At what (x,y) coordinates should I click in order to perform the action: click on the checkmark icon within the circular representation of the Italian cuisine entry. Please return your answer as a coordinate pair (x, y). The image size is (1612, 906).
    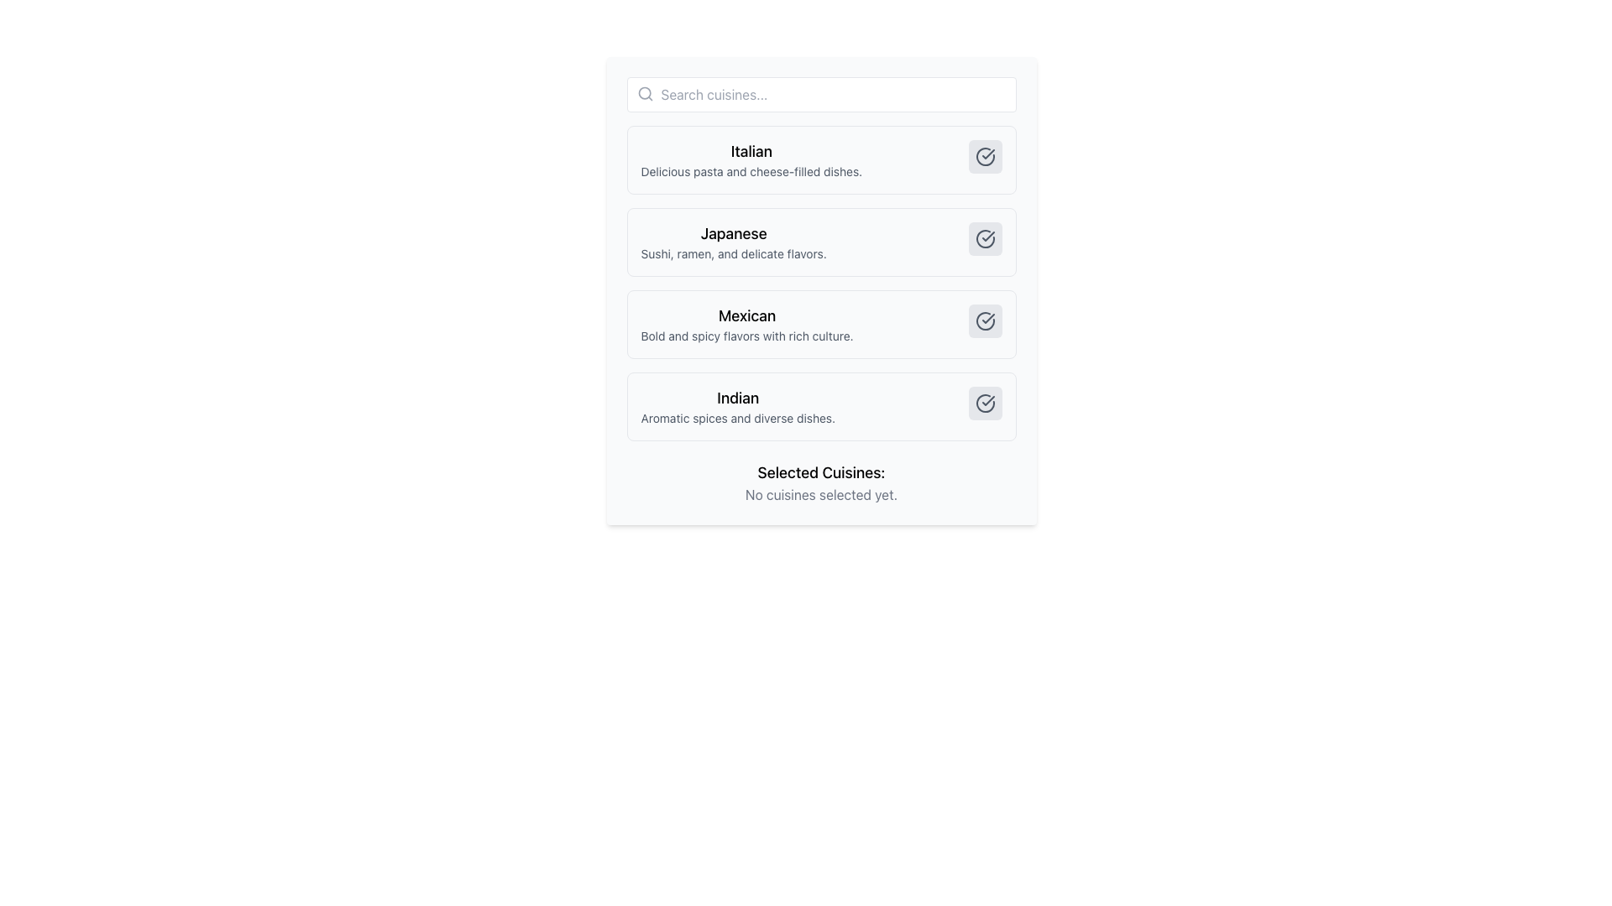
    Looking at the image, I should click on (987, 154).